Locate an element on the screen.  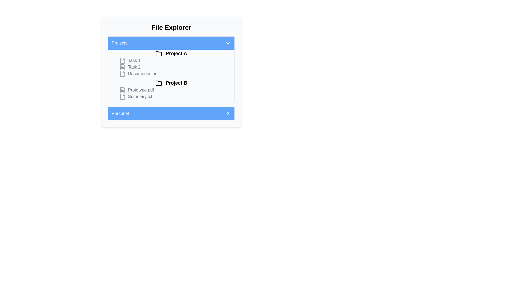
the folder icon located to the left of the text labeled 'Project A' in the 'Projects' section of the 'File Explorer' interface is located at coordinates (159, 54).